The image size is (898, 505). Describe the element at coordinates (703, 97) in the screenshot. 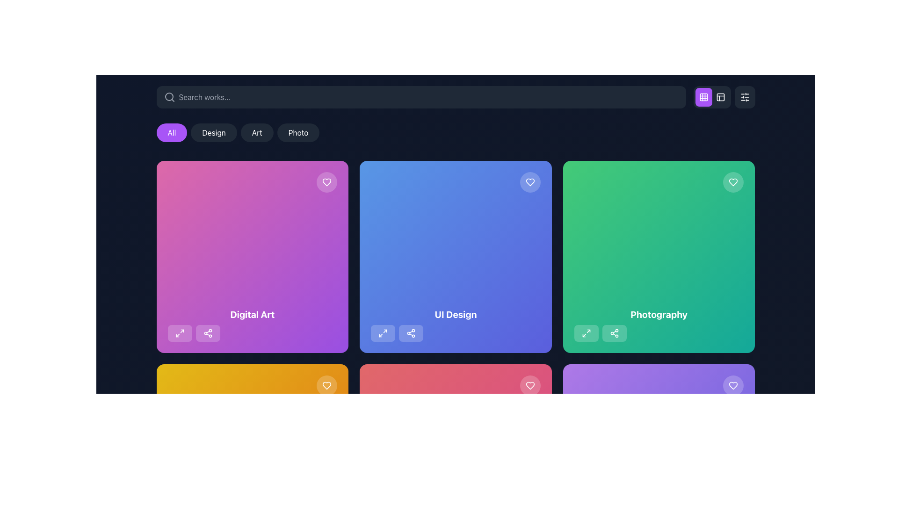

I see `the white grid icon button with rounded corners in the top-right corner of the layout` at that location.